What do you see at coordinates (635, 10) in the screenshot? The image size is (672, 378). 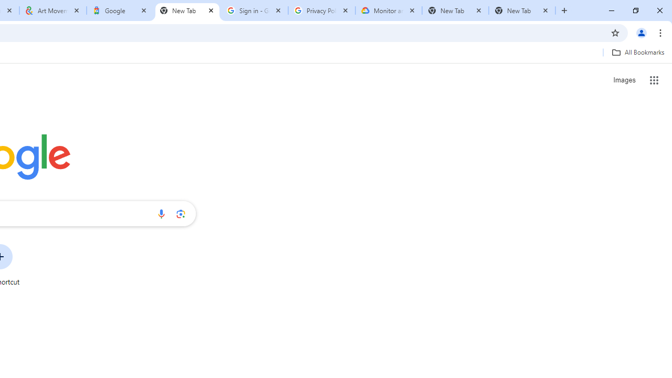 I see `'Restore'` at bounding box center [635, 10].